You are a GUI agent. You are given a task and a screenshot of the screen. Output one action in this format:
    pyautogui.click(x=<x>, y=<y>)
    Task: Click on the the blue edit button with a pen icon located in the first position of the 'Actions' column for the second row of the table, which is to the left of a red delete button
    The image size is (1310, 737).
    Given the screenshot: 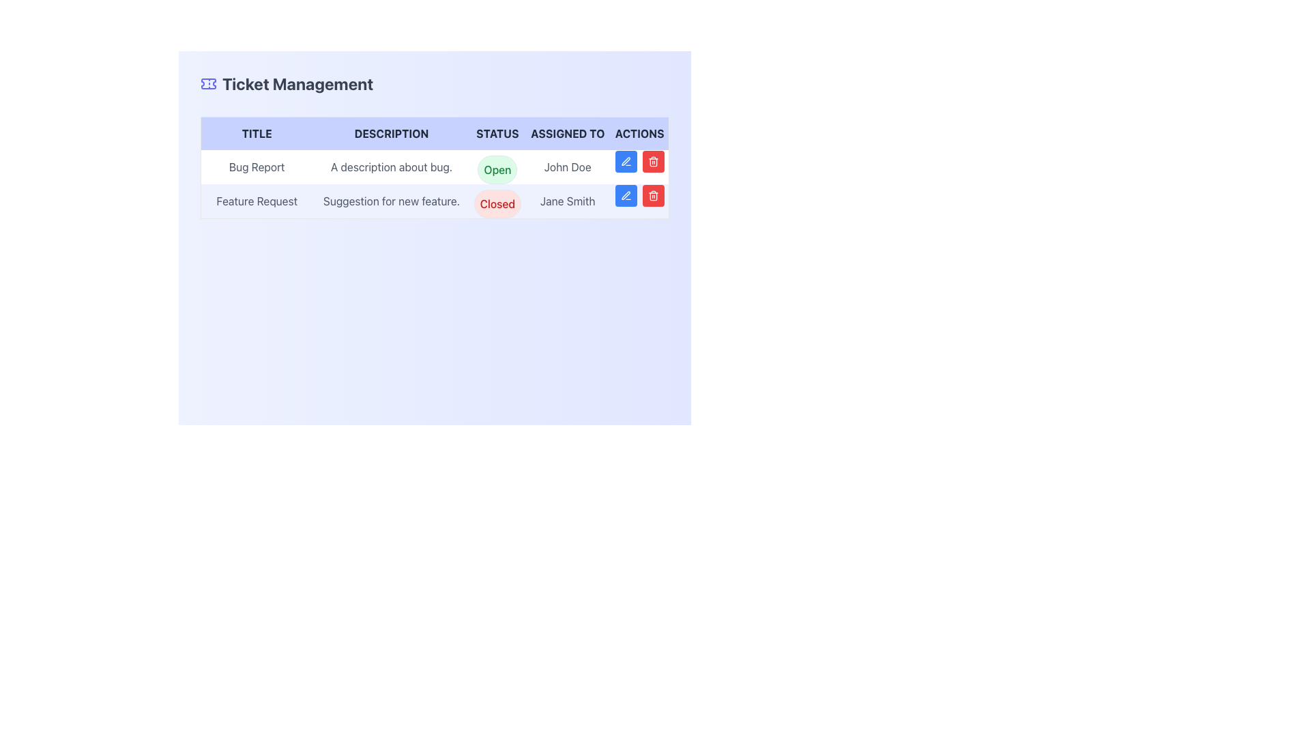 What is the action you would take?
    pyautogui.click(x=625, y=195)
    